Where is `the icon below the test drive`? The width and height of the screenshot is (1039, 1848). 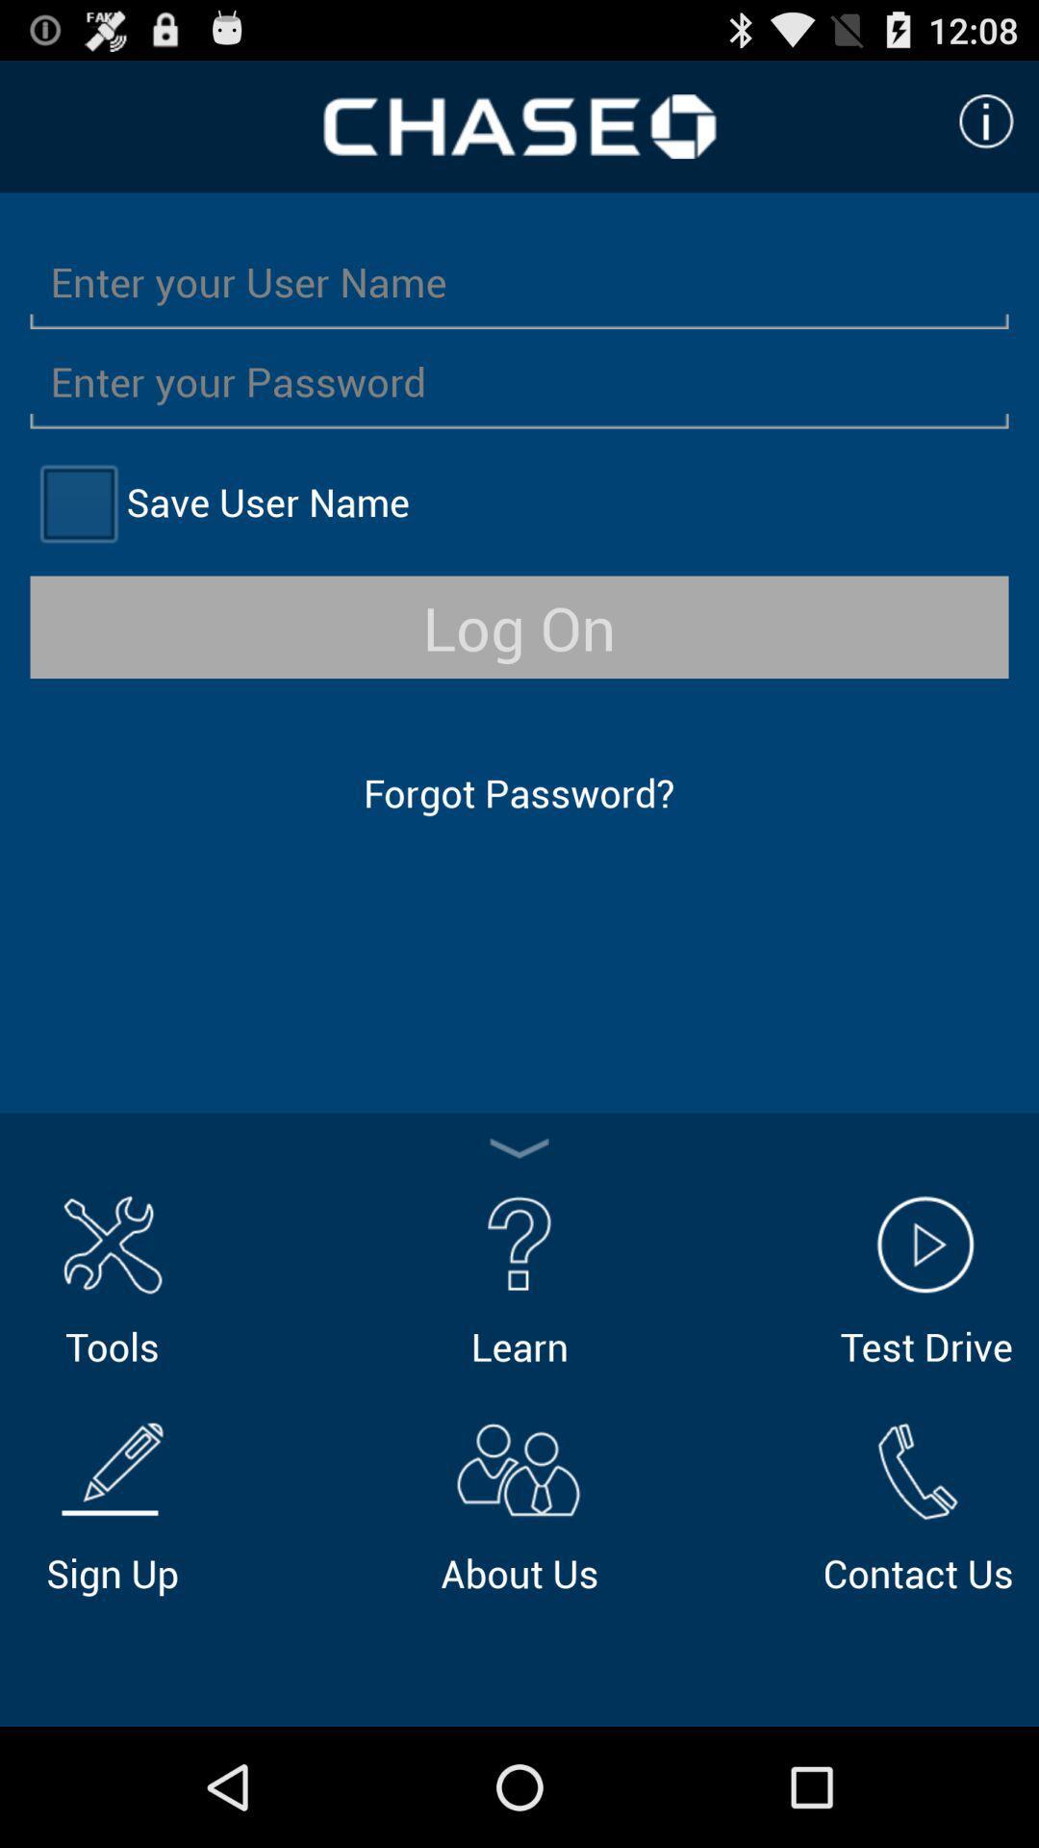 the icon below the test drive is located at coordinates (917, 1503).